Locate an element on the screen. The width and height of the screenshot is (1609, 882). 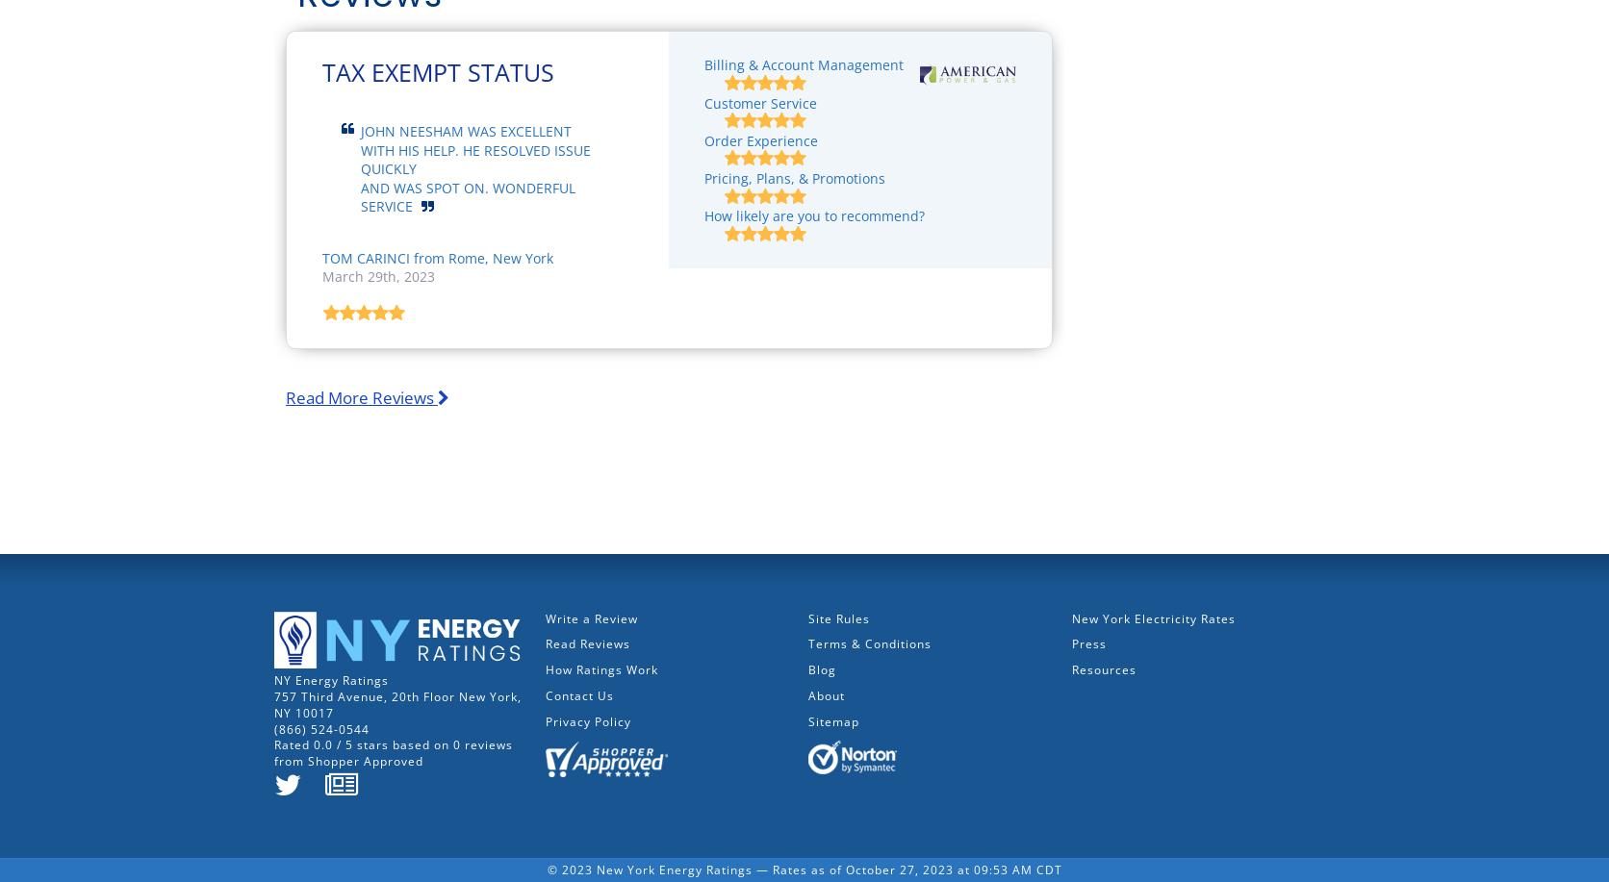
'Press' is located at coordinates (1087, 643).